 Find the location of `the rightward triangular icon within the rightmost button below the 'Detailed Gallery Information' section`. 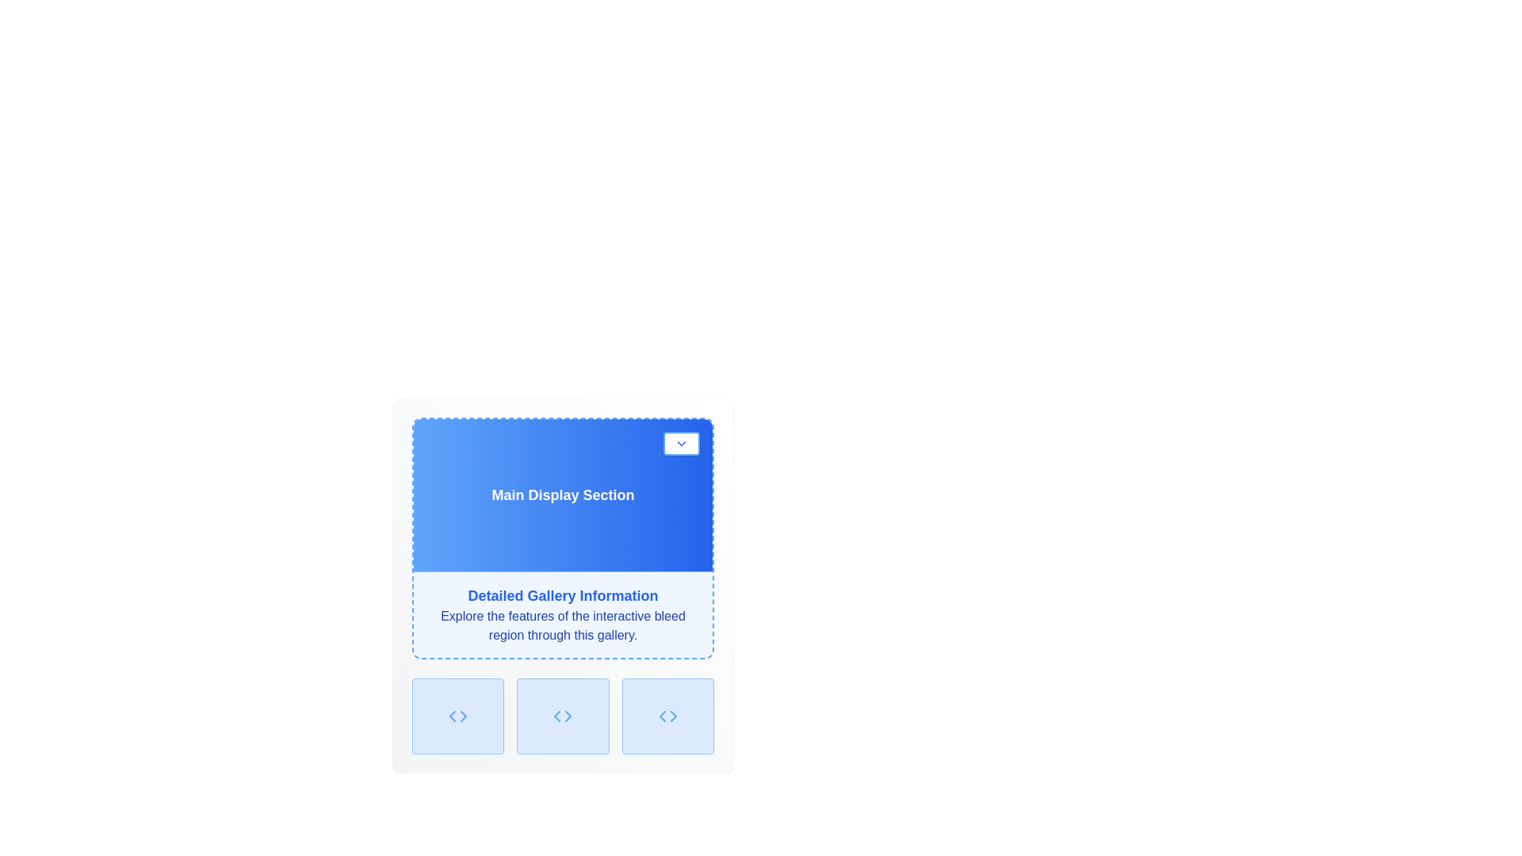

the rightward triangular icon within the rightmost button below the 'Detailed Gallery Information' section is located at coordinates (673, 716).